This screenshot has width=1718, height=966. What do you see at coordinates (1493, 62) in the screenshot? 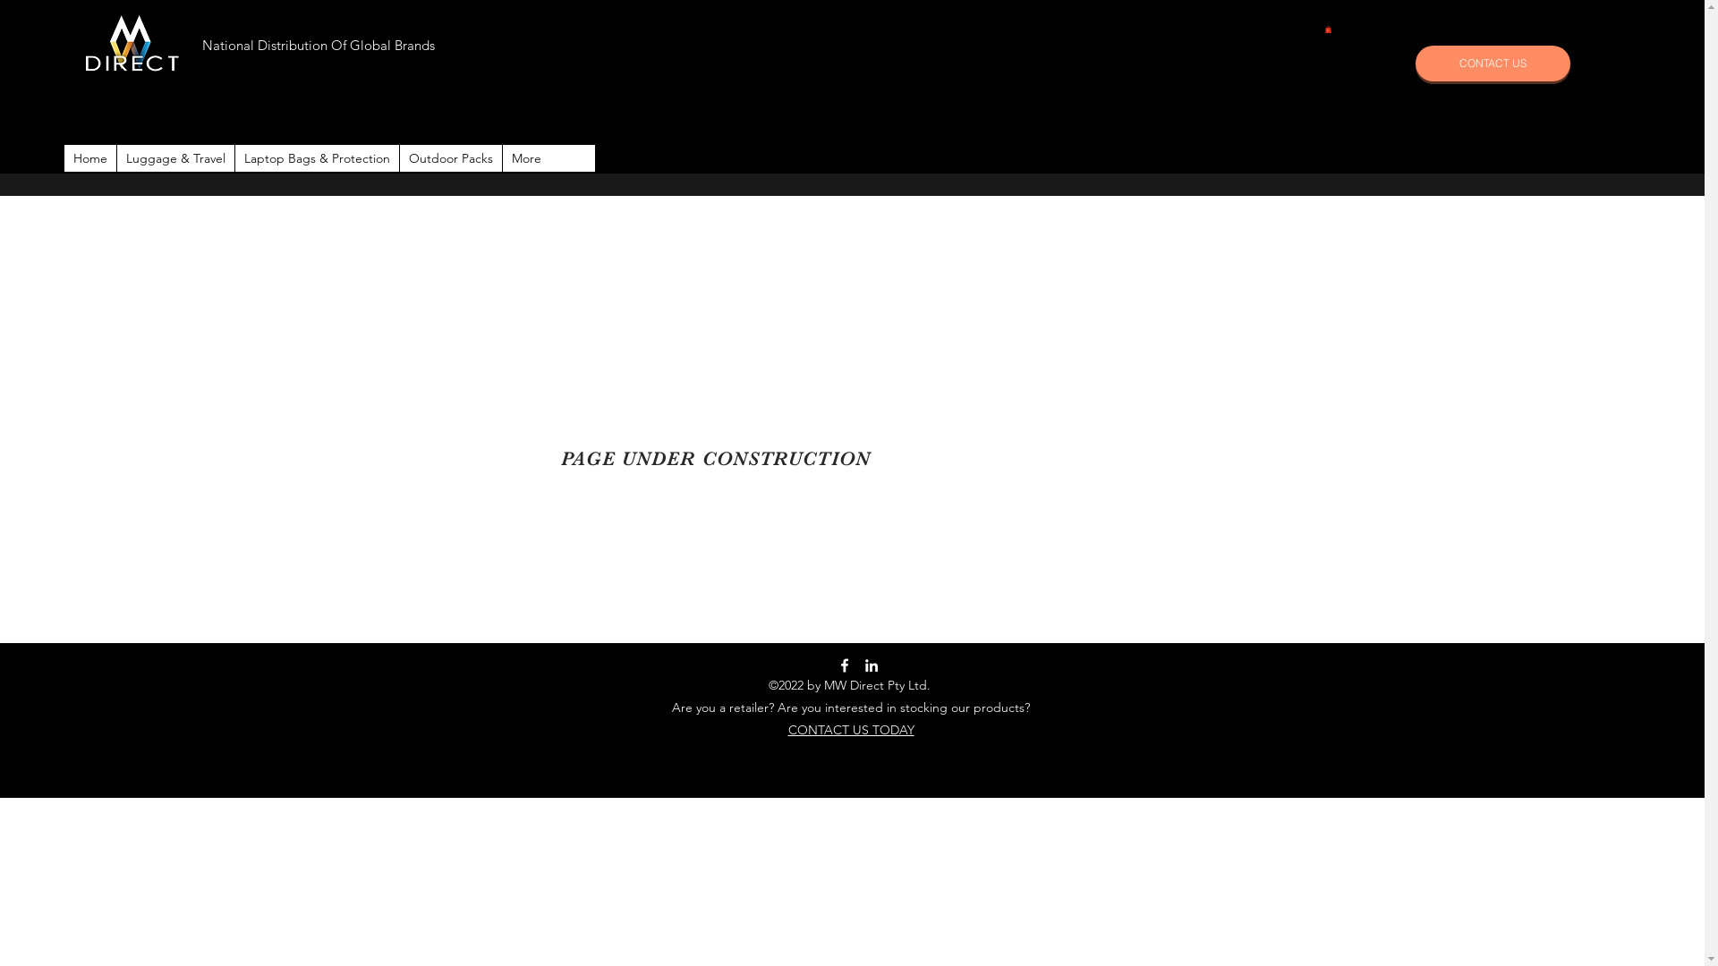
I see `'CONTACT US'` at bounding box center [1493, 62].